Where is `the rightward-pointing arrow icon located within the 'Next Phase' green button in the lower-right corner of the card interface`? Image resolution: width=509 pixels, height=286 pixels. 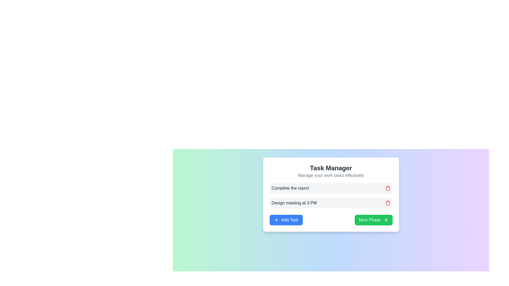
the rightward-pointing arrow icon located within the 'Next Phase' green button in the lower-right corner of the card interface is located at coordinates (386, 220).